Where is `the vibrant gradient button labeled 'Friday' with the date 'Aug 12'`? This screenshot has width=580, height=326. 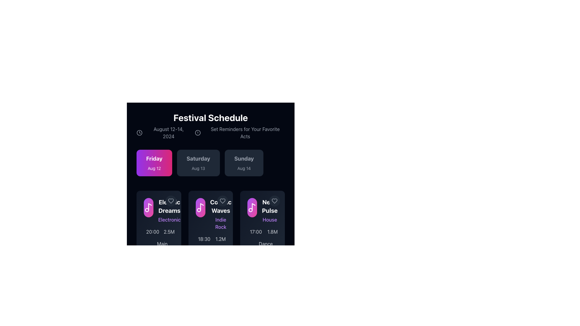 the vibrant gradient button labeled 'Friday' with the date 'Aug 12' is located at coordinates (154, 163).